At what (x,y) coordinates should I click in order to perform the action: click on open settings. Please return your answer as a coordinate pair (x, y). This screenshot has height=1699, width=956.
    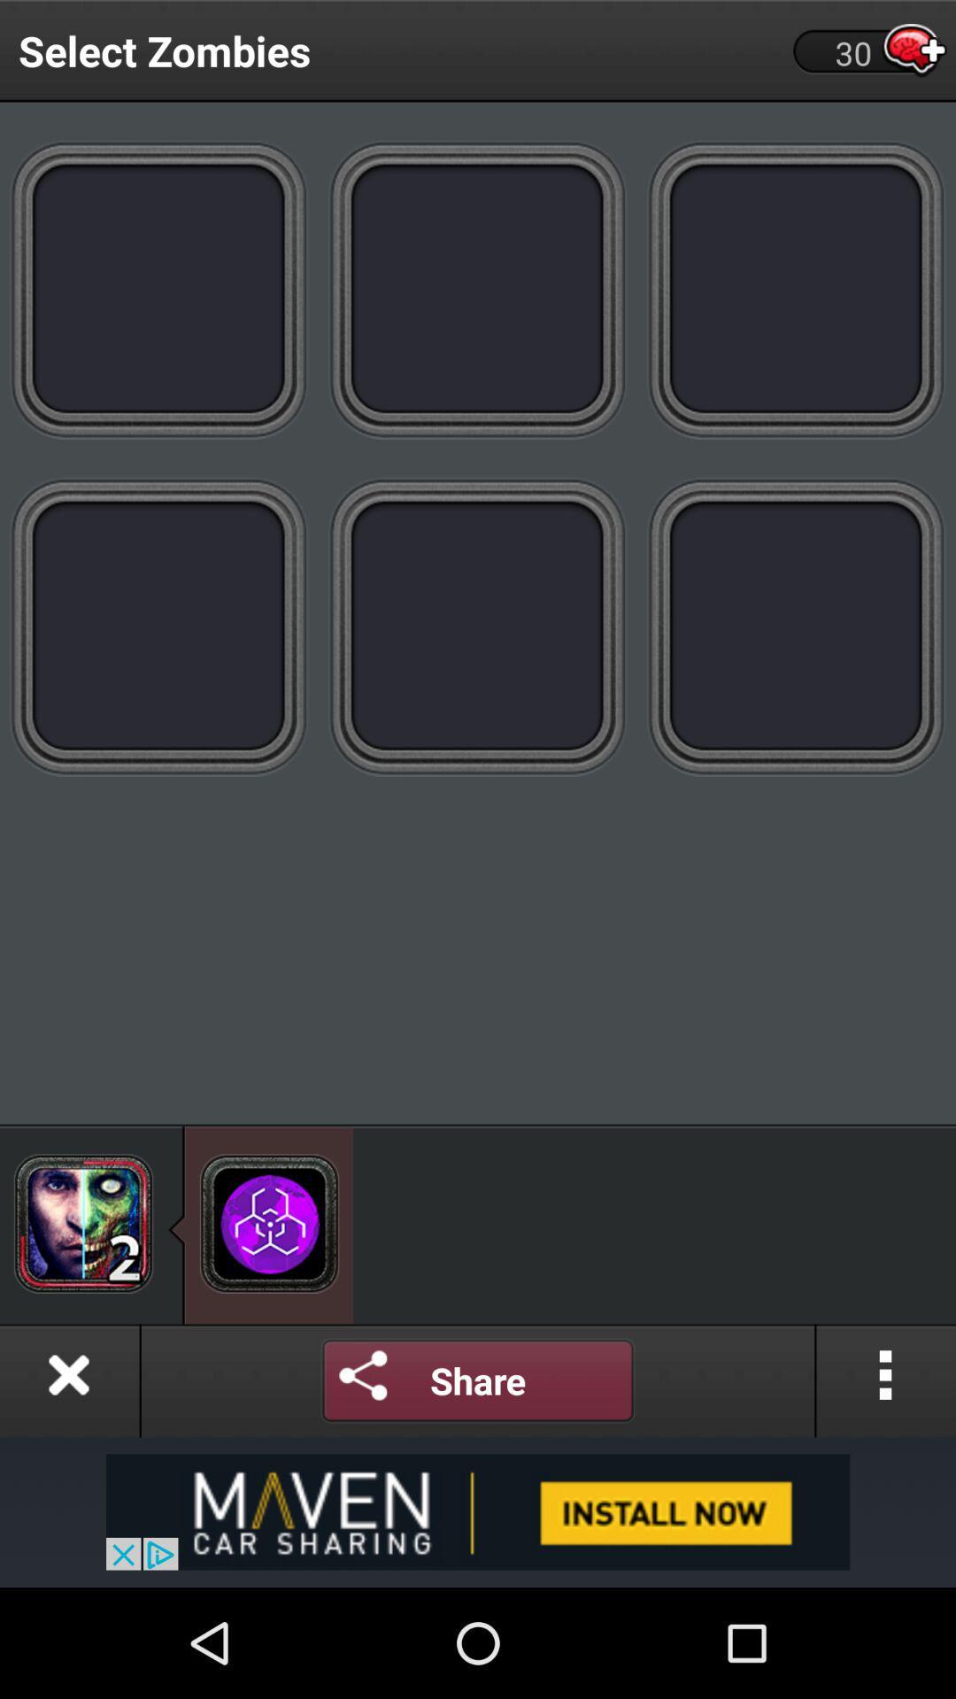
    Looking at the image, I should click on (363, 1380).